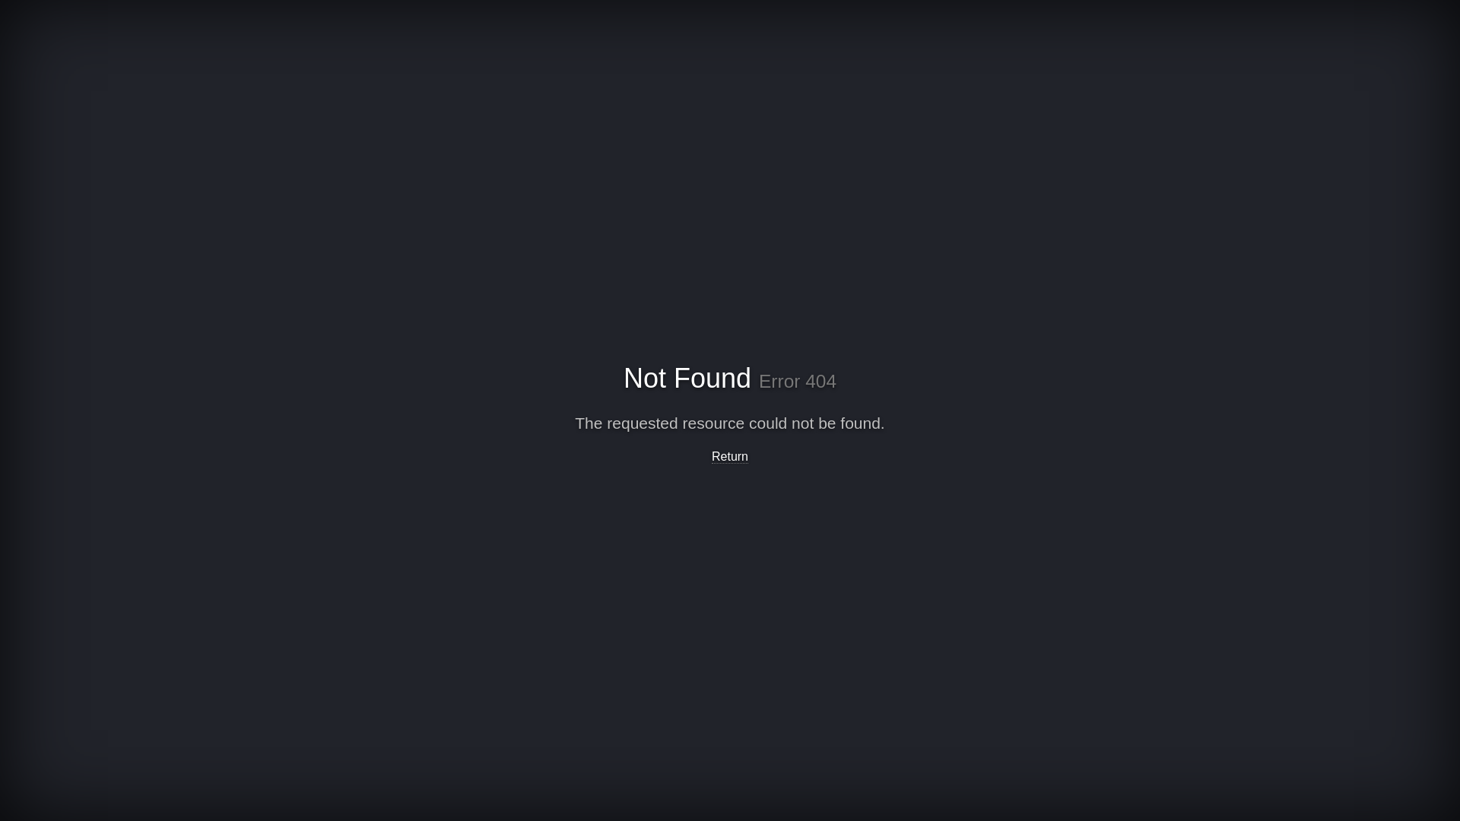 Image resolution: width=1460 pixels, height=821 pixels. What do you see at coordinates (711, 456) in the screenshot?
I see `'Return'` at bounding box center [711, 456].